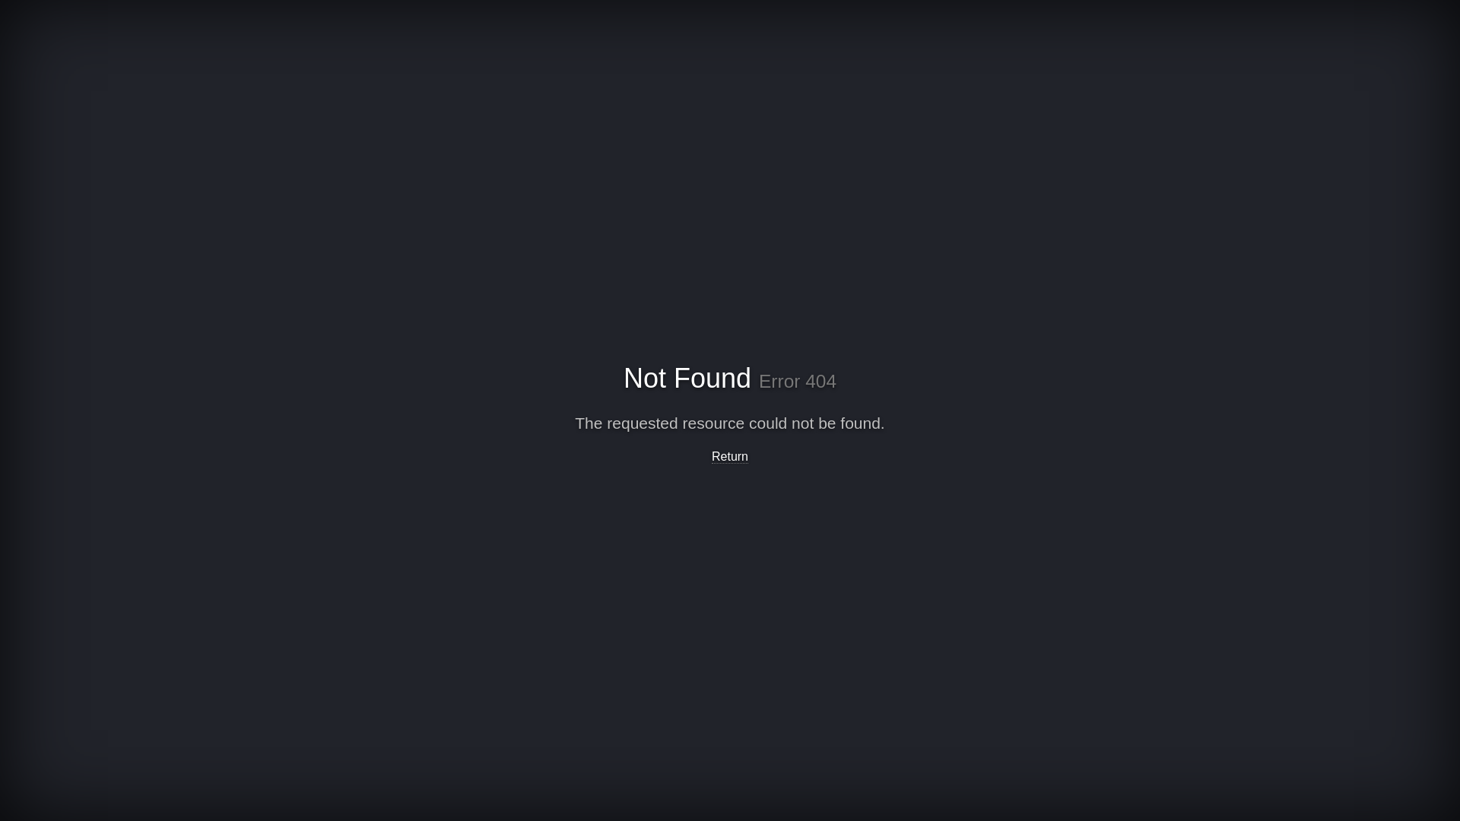 Image resolution: width=1460 pixels, height=821 pixels. What do you see at coordinates (711, 456) in the screenshot?
I see `'Return'` at bounding box center [711, 456].